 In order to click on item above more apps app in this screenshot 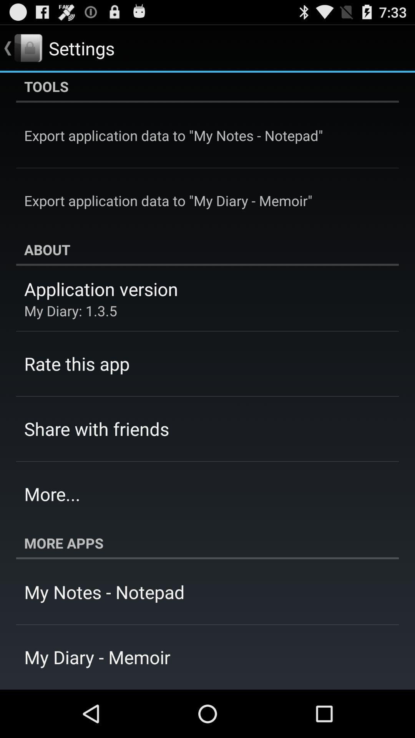, I will do `click(52, 494)`.